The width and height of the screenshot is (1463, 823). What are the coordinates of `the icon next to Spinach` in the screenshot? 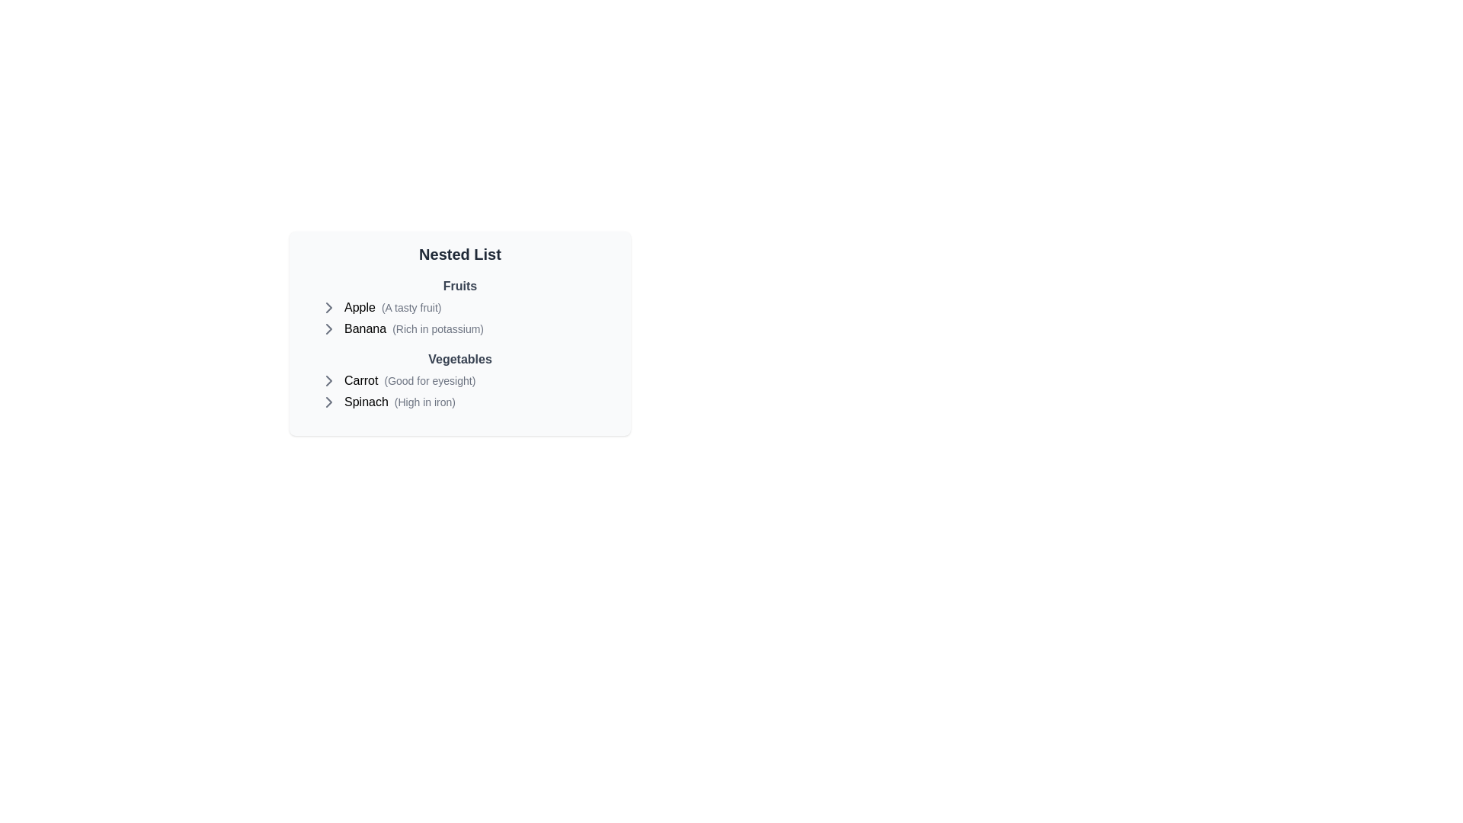 It's located at (328, 402).